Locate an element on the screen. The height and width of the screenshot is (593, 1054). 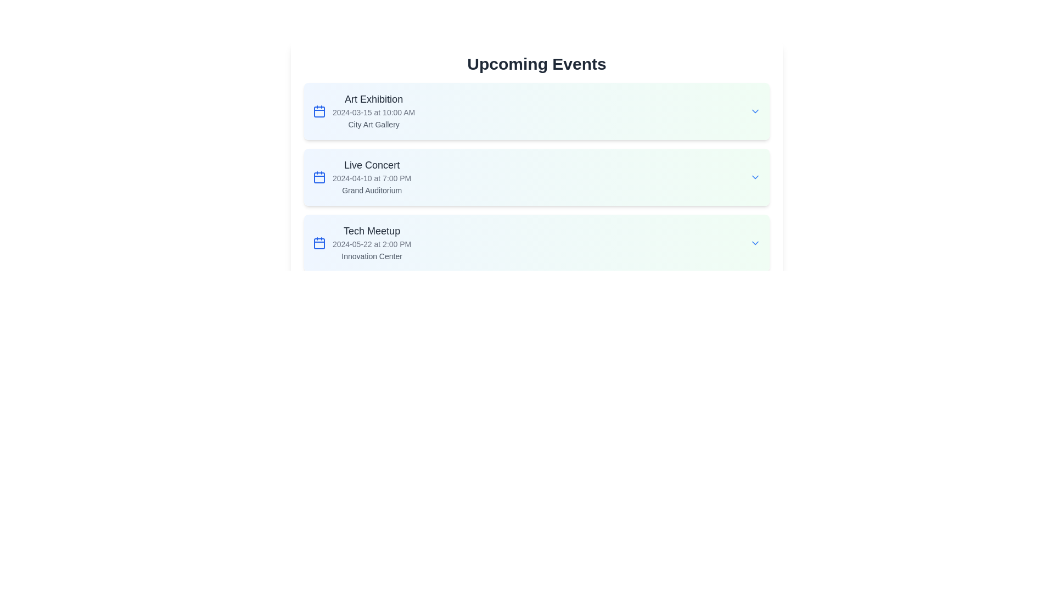
text label displaying 'Tech Meetup' which is styled in large, bold font and positioned in the third event entry of a vertical list is located at coordinates (372, 230).